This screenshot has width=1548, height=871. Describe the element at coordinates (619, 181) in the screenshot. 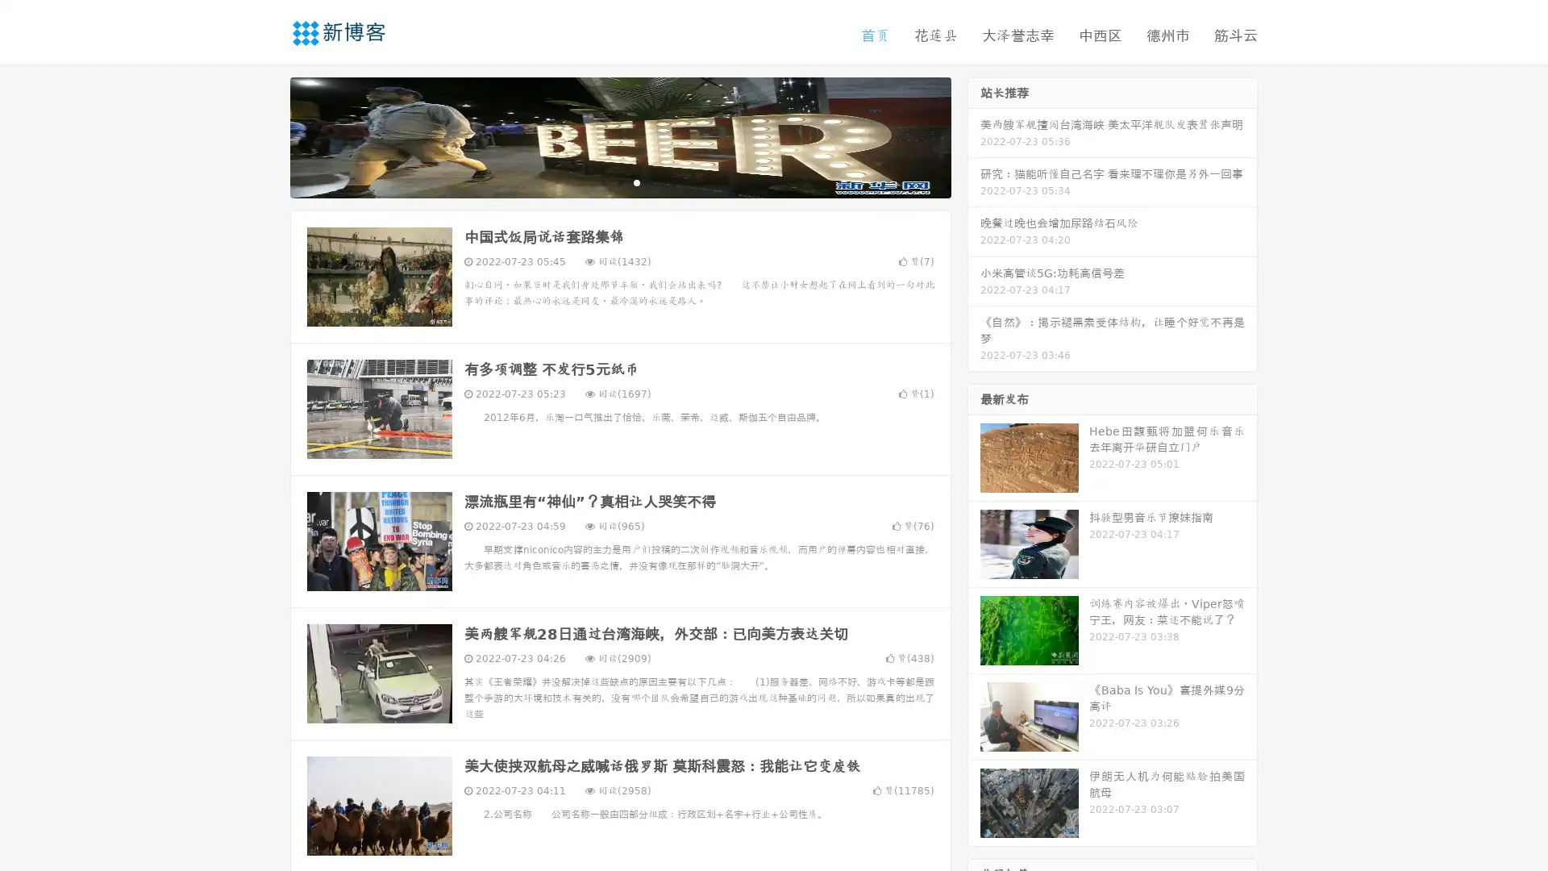

I see `Go to slide 2` at that location.